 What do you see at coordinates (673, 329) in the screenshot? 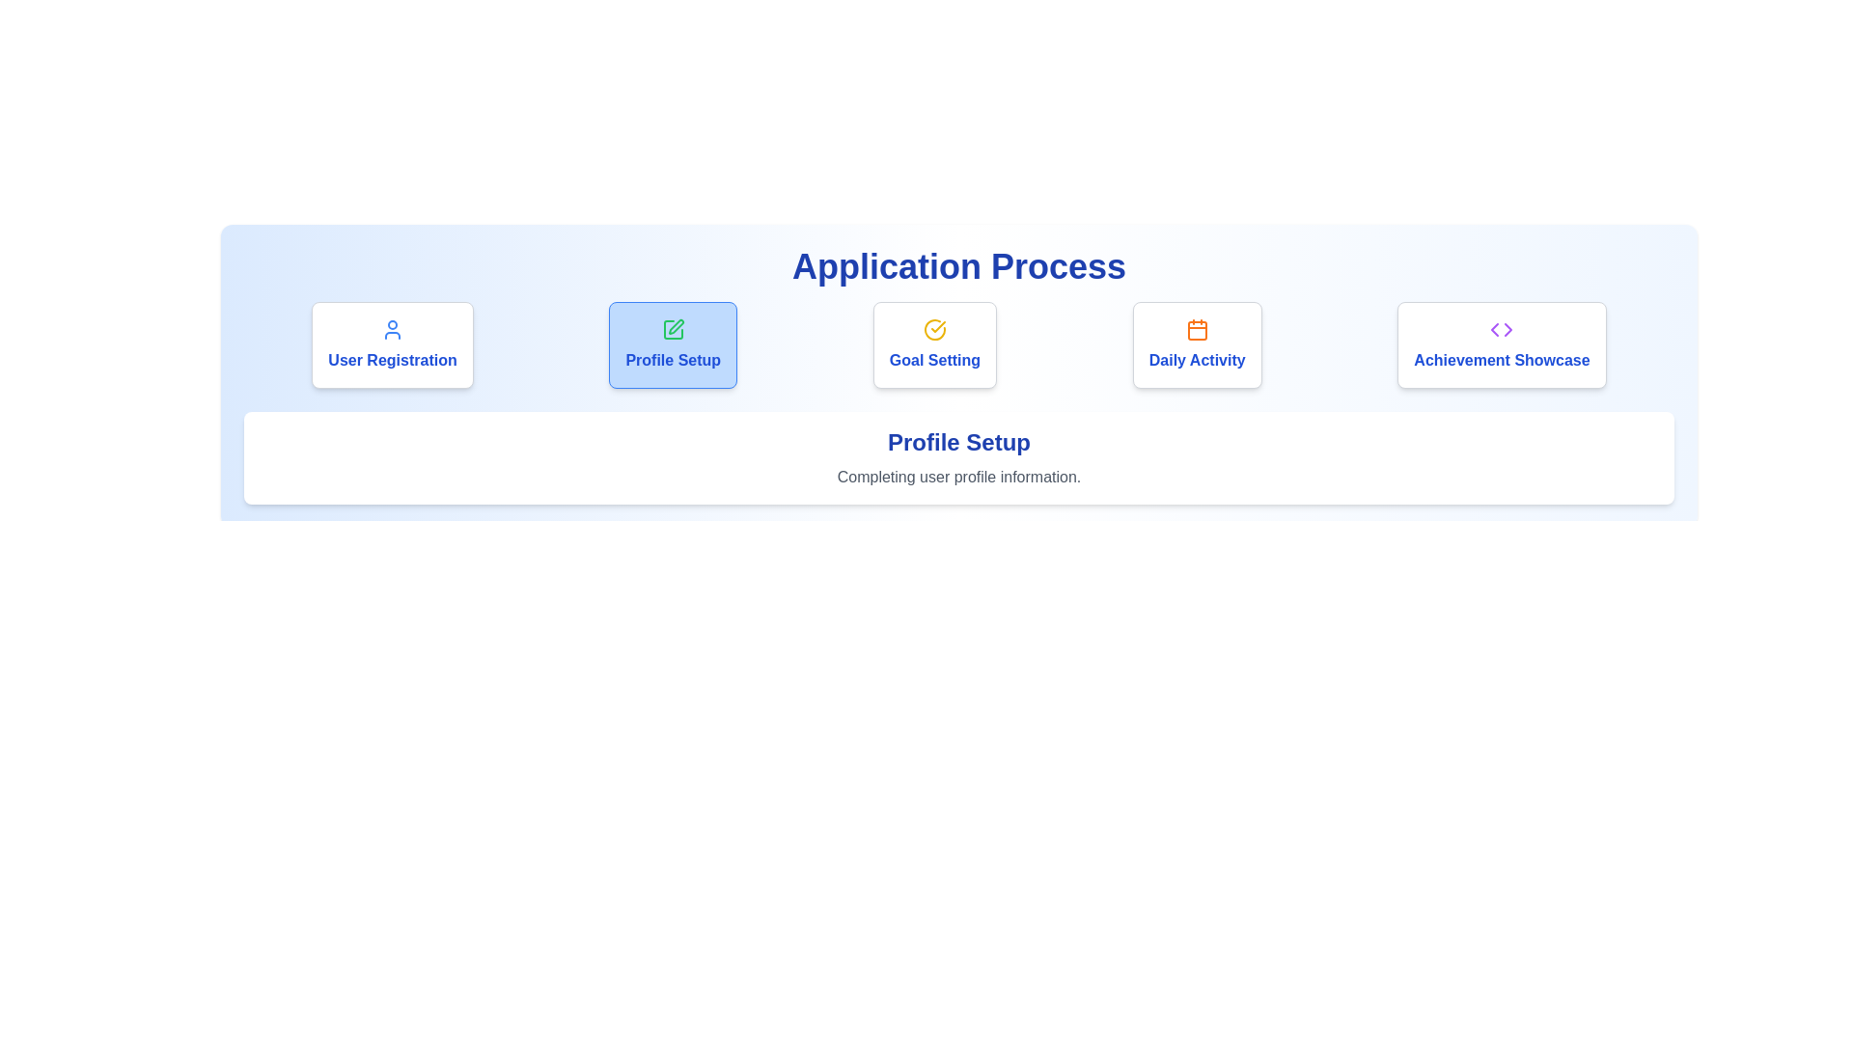
I see `the green pen icon outlined in a square located in the second box labeled 'Profile Setup' in the horizontal navigation bar` at bounding box center [673, 329].